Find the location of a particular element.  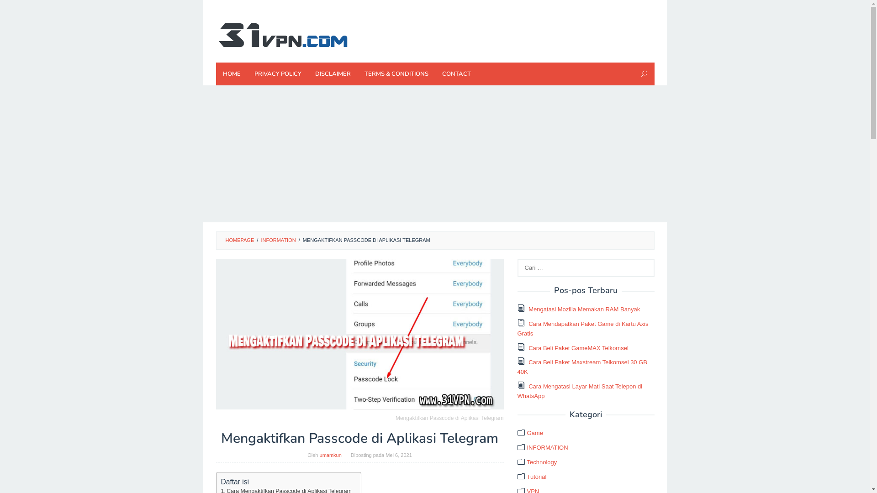

'DISCLAIMER' is located at coordinates (332, 73).